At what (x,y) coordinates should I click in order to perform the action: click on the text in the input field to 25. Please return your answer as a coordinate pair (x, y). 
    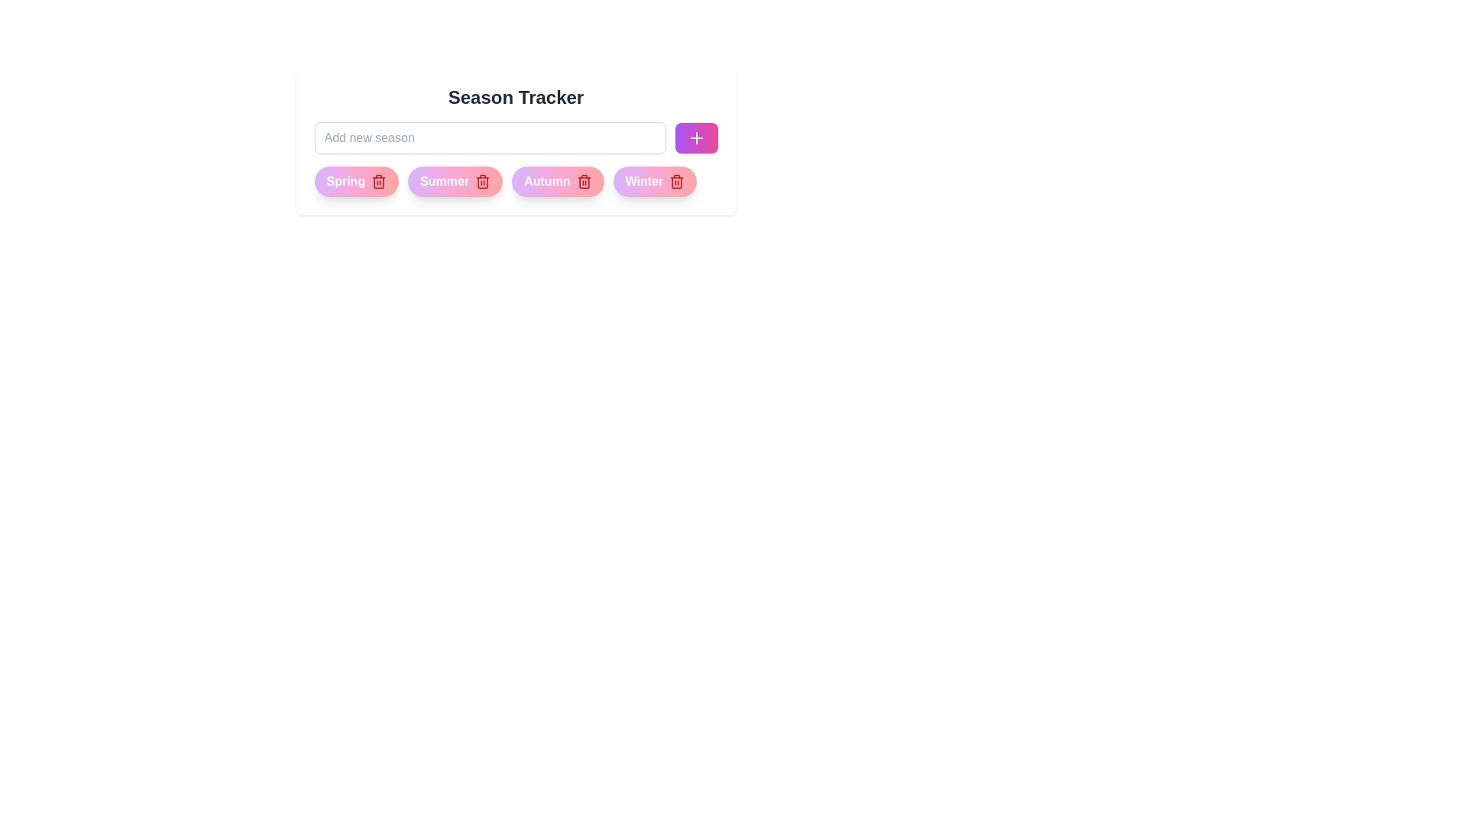
    Looking at the image, I should click on (490, 138).